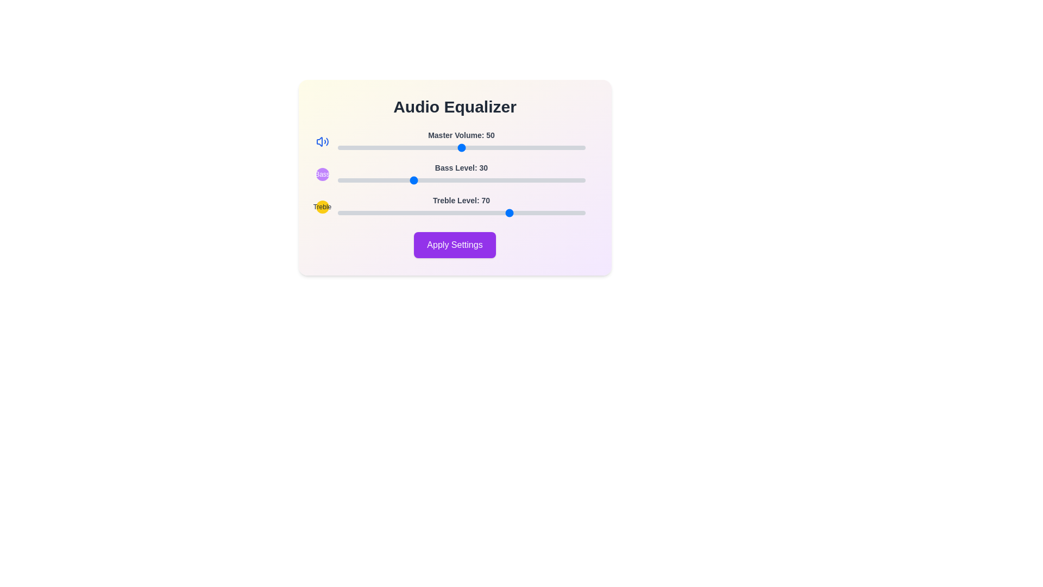 The image size is (1043, 587). What do you see at coordinates (319, 141) in the screenshot?
I see `the volume adjustment icon located near the top-left corner of the central panel, adjacent to the 'Master Volume: 50' slider` at bounding box center [319, 141].